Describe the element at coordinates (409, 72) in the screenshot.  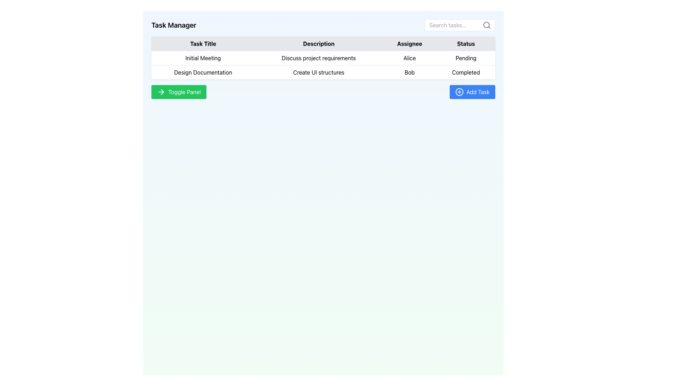
I see `the text label displaying 'Bob' in the second row of the 'Assignee' column of the table` at that location.